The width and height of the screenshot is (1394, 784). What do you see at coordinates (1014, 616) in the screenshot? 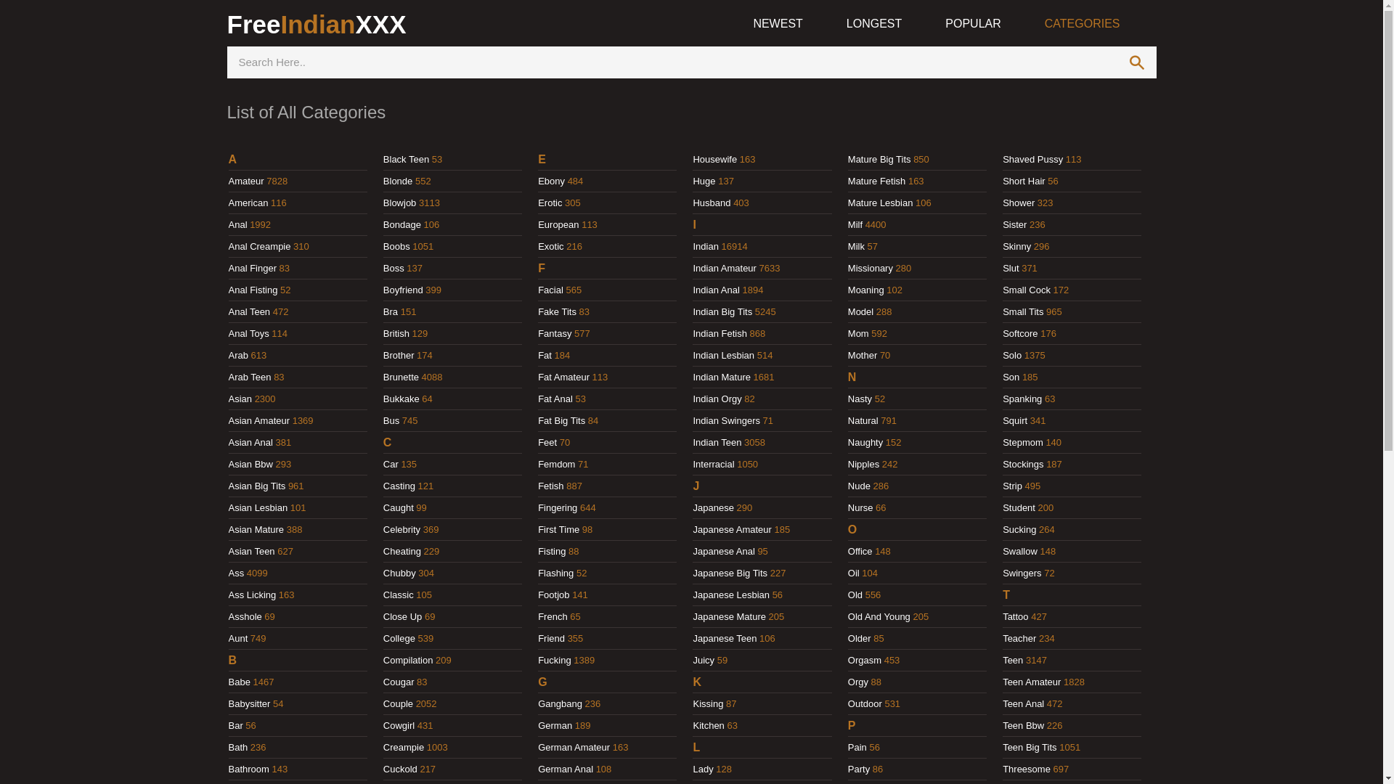
I see `'Tattoo'` at bounding box center [1014, 616].